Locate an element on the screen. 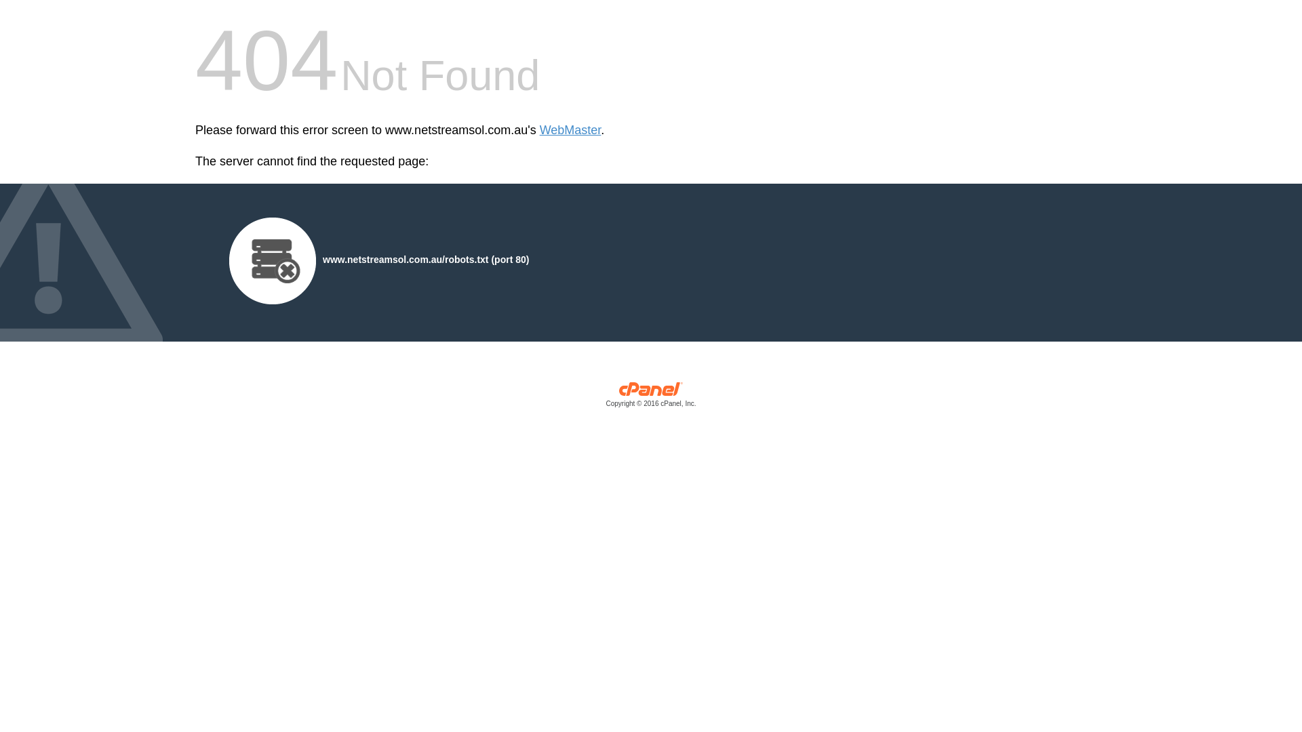  'WebMaster' is located at coordinates (570, 130).